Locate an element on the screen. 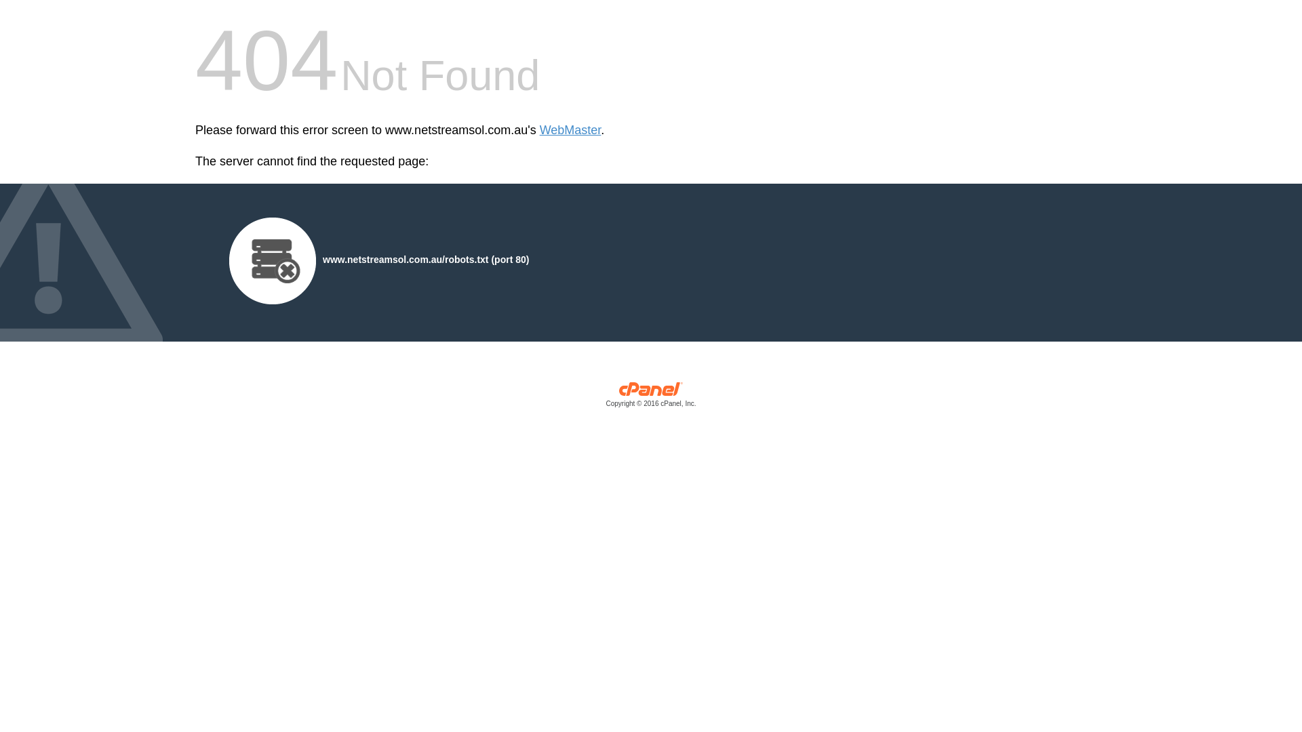  'WebMaster' is located at coordinates (570, 130).